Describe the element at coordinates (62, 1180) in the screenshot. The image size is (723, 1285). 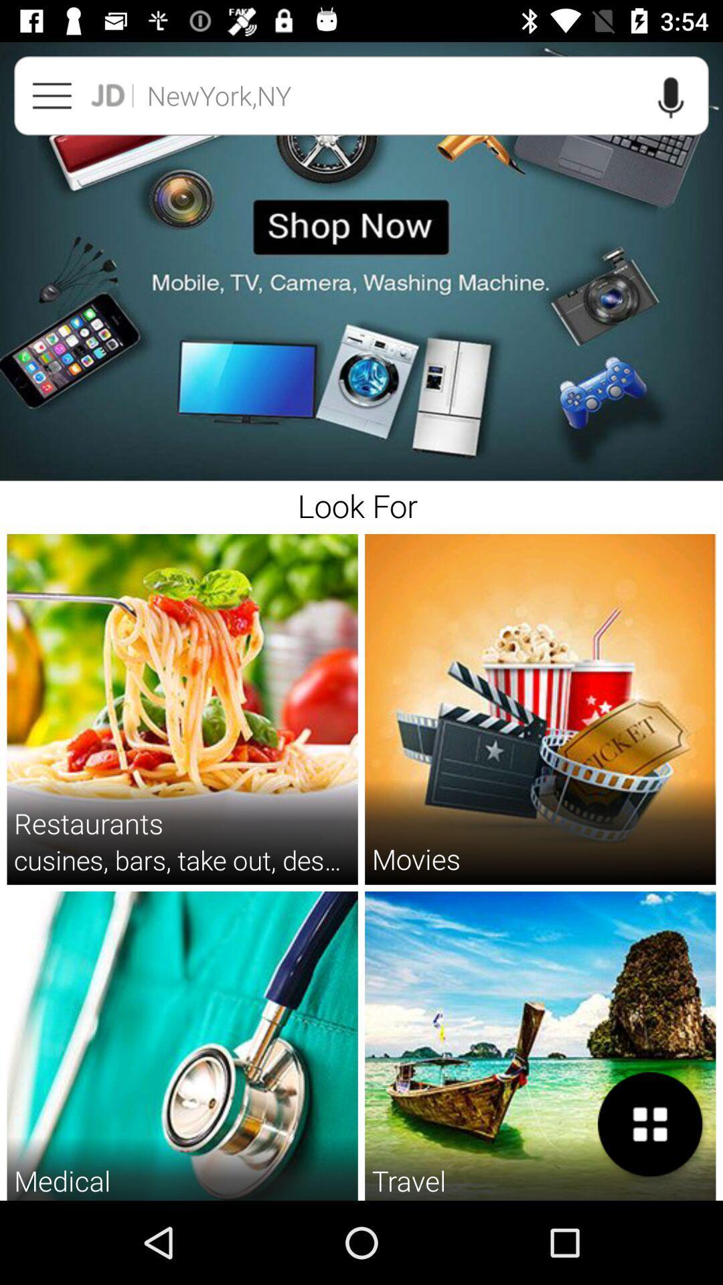
I see `medical item` at that location.